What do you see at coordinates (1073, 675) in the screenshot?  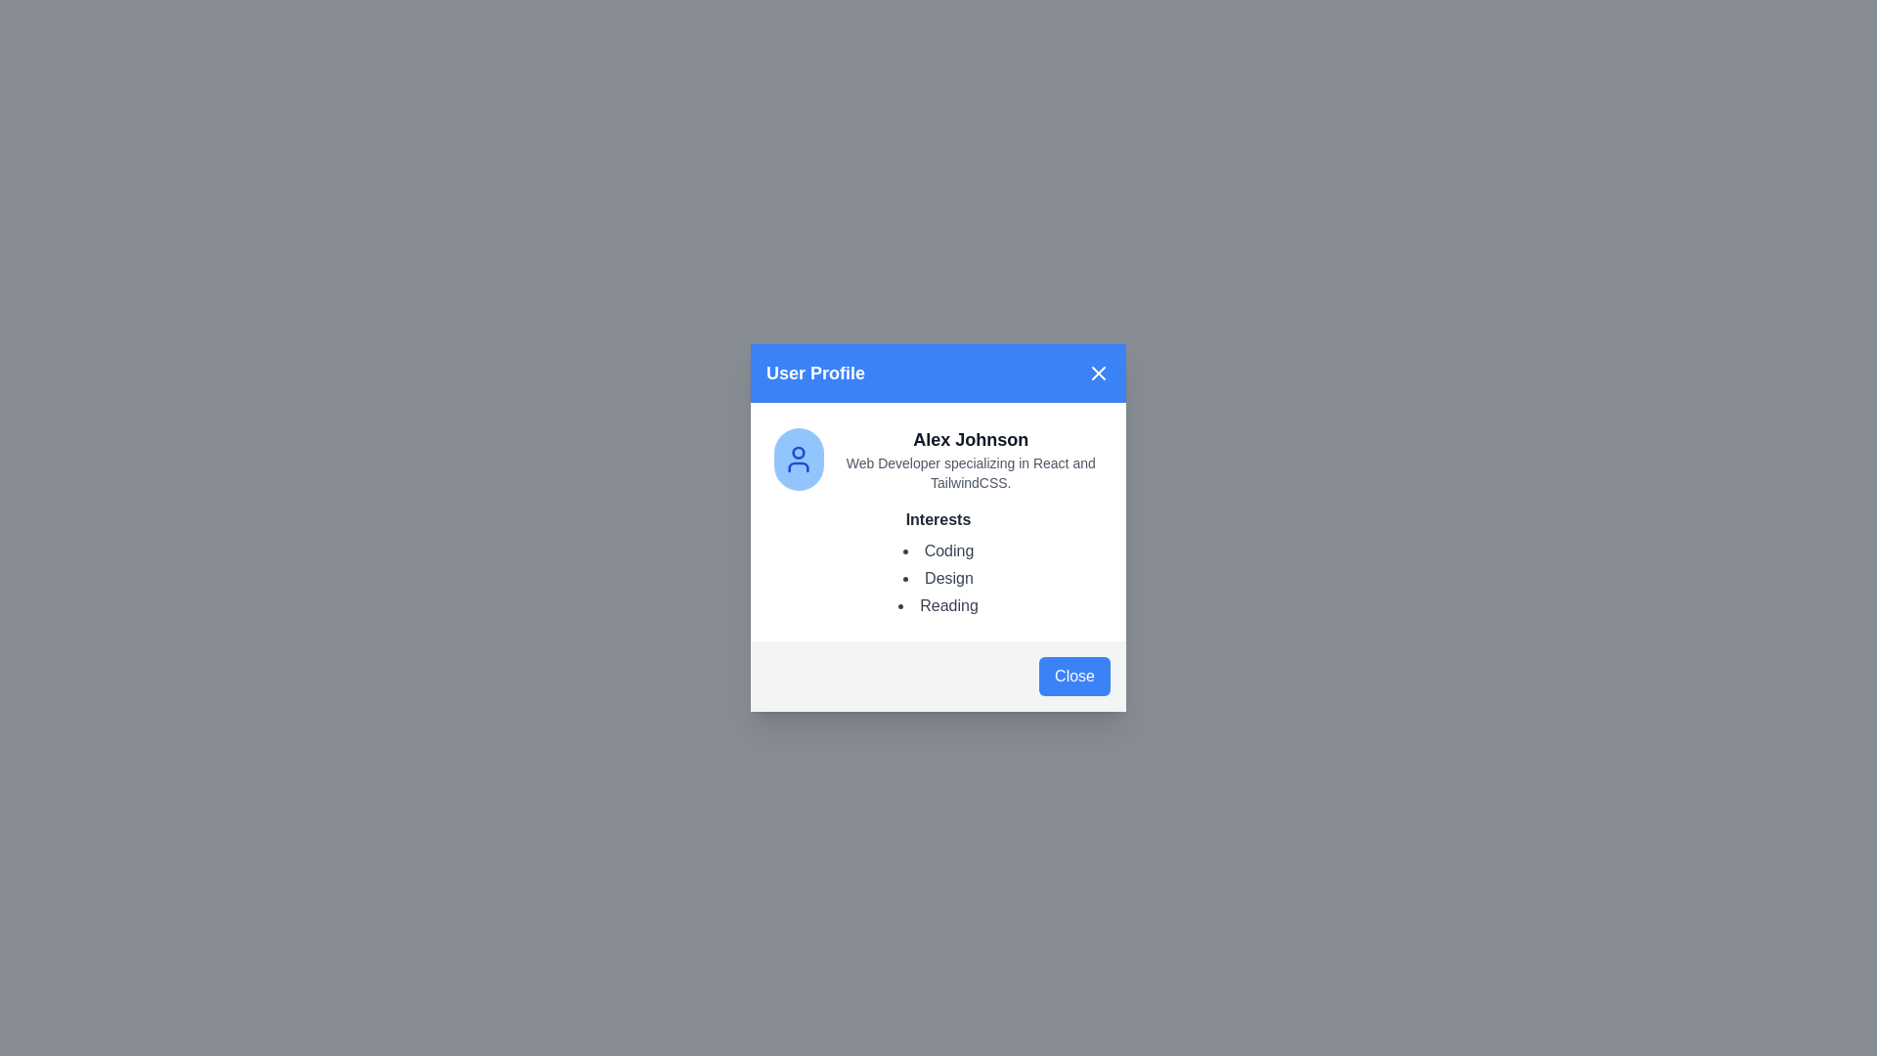 I see `the 'Close' button, which is a rounded rectangular button with a blue background and white text, located at the bottom right of the modal dialog's footer` at bounding box center [1073, 675].